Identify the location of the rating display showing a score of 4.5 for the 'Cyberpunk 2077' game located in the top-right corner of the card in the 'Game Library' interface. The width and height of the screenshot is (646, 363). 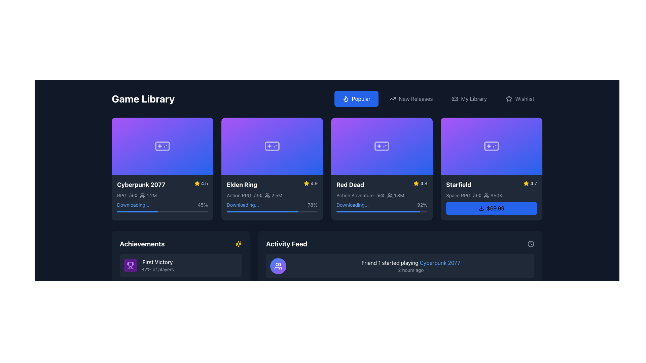
(201, 183).